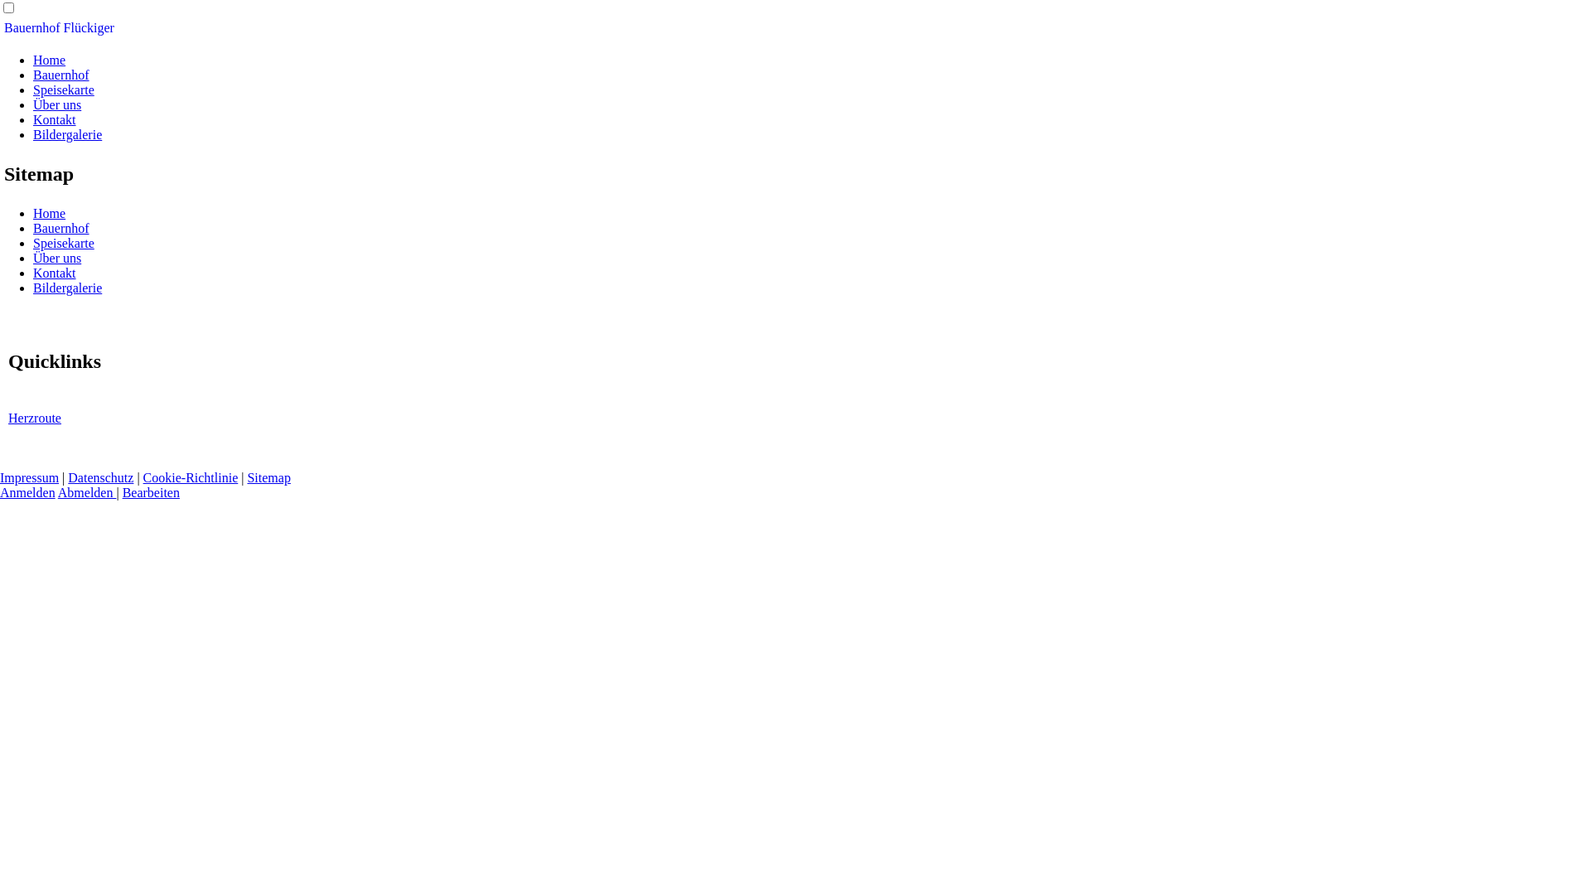 The height and width of the screenshot is (895, 1591). What do you see at coordinates (99, 477) in the screenshot?
I see `'Datenschutz'` at bounding box center [99, 477].